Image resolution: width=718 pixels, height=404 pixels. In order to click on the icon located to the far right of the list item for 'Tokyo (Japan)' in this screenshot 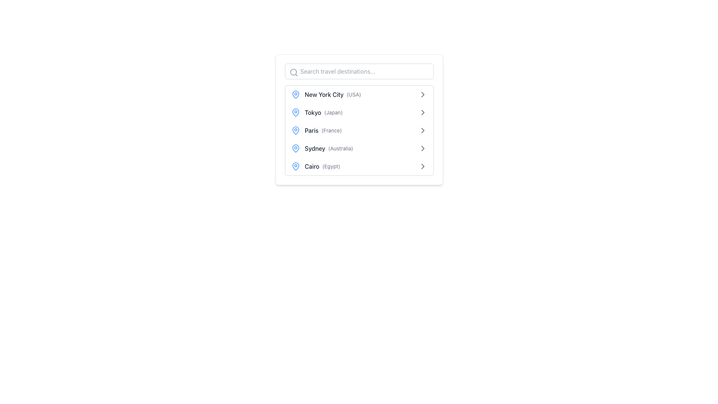, I will do `click(423, 94)`.